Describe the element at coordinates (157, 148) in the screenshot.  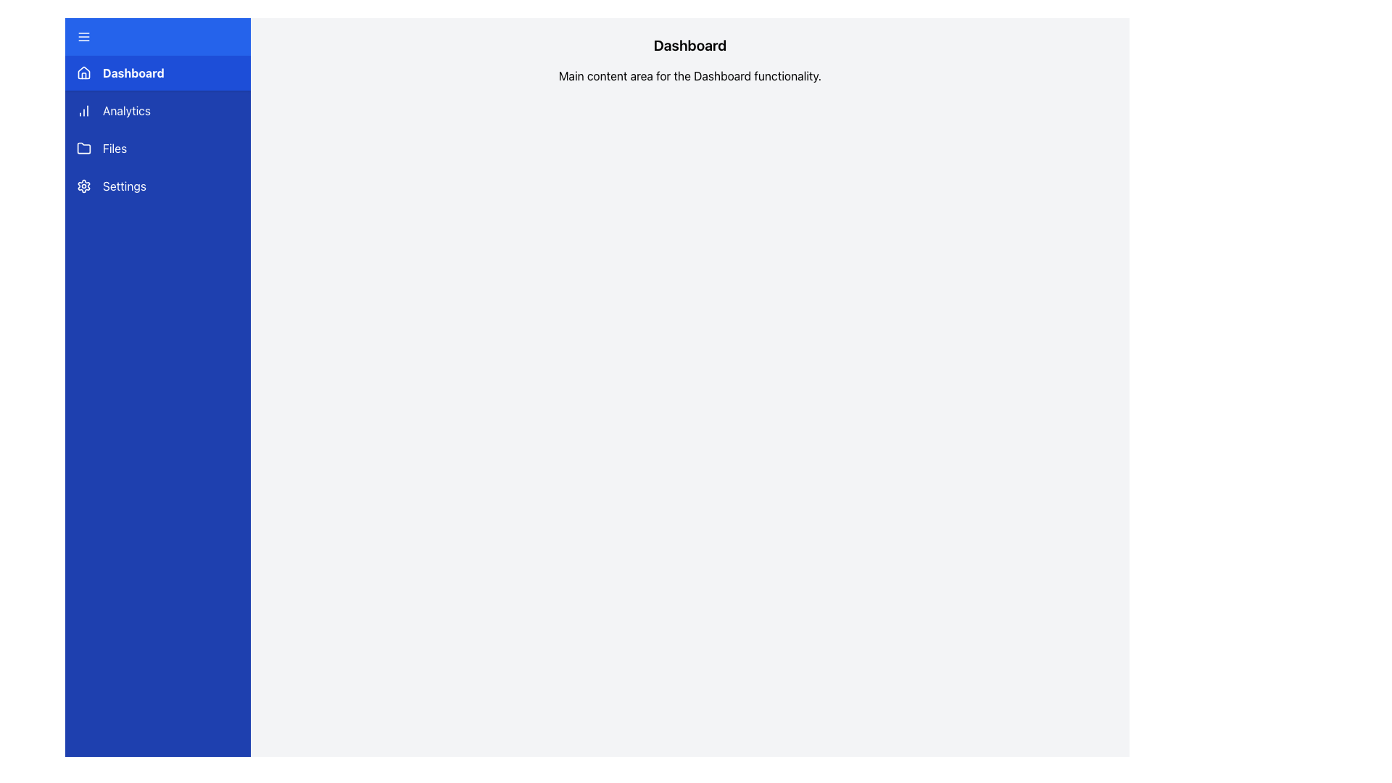
I see `the third menu item in the left sidebar, which serves as a navigational link to the 'Files' section of the application` at that location.